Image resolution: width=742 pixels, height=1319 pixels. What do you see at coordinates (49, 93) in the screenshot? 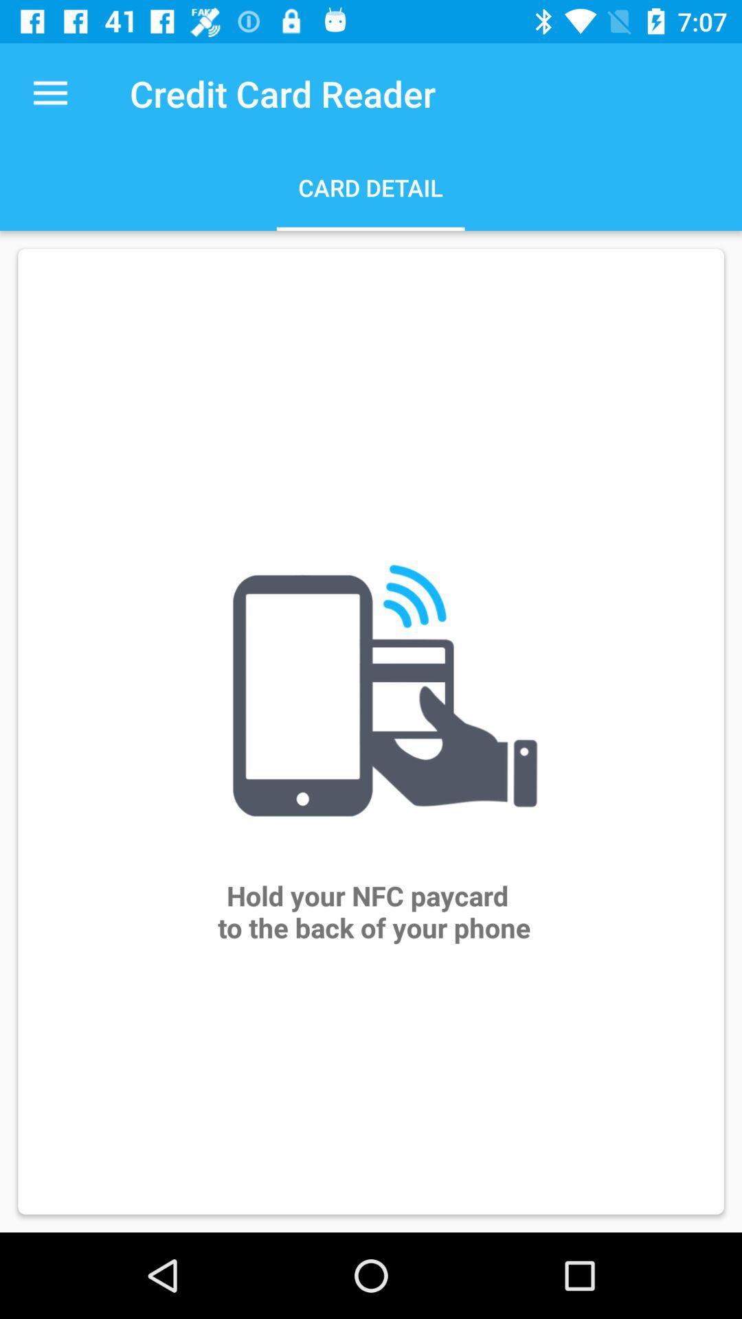
I see `the item at the top left corner` at bounding box center [49, 93].